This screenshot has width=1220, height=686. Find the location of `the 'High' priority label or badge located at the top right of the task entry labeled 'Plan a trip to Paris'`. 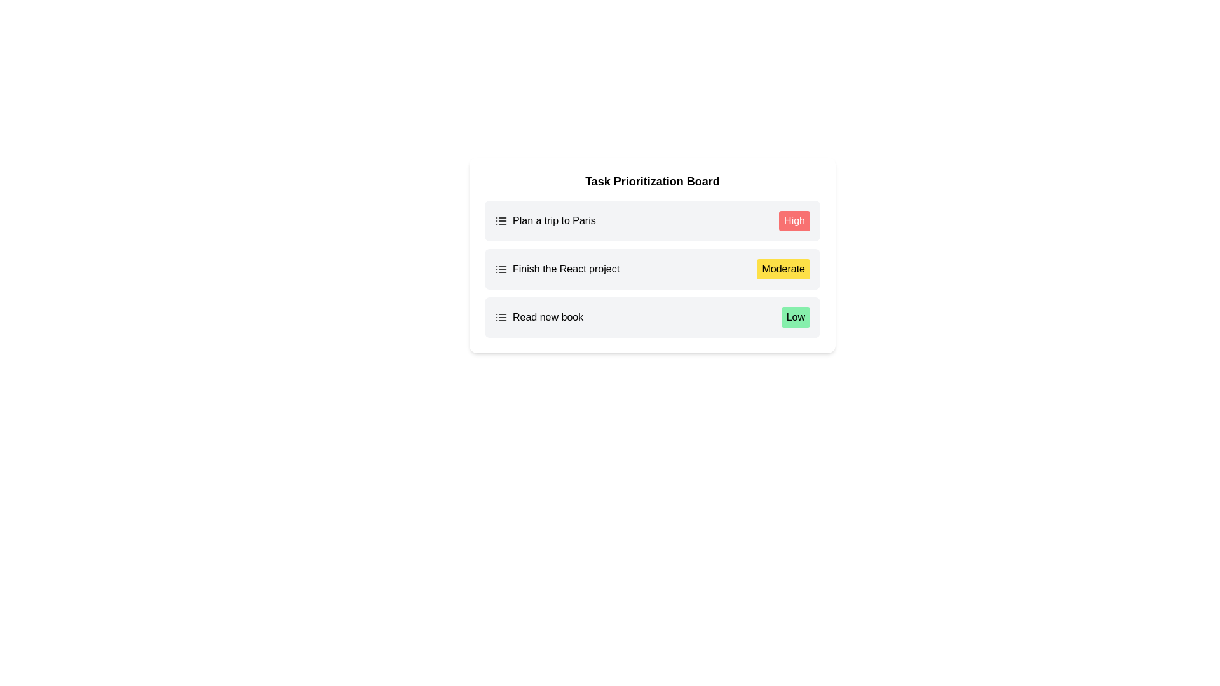

the 'High' priority label or badge located at the top right of the task entry labeled 'Plan a trip to Paris' is located at coordinates (794, 220).